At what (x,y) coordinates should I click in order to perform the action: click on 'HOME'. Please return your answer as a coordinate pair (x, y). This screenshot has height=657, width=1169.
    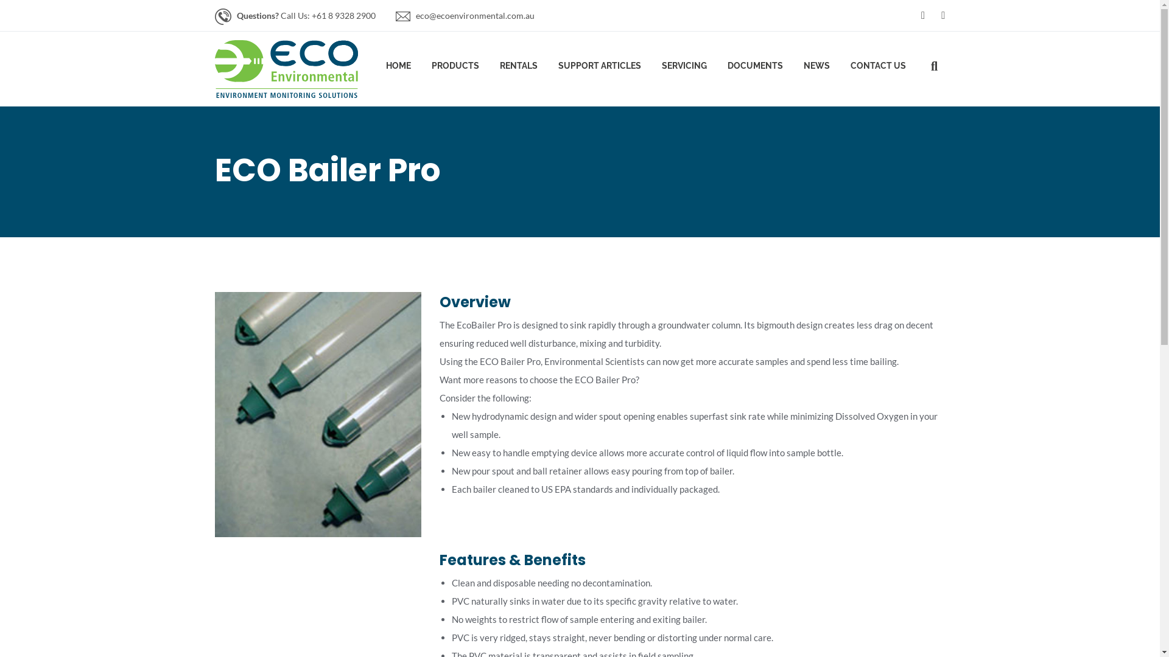
    Looking at the image, I should click on (398, 69).